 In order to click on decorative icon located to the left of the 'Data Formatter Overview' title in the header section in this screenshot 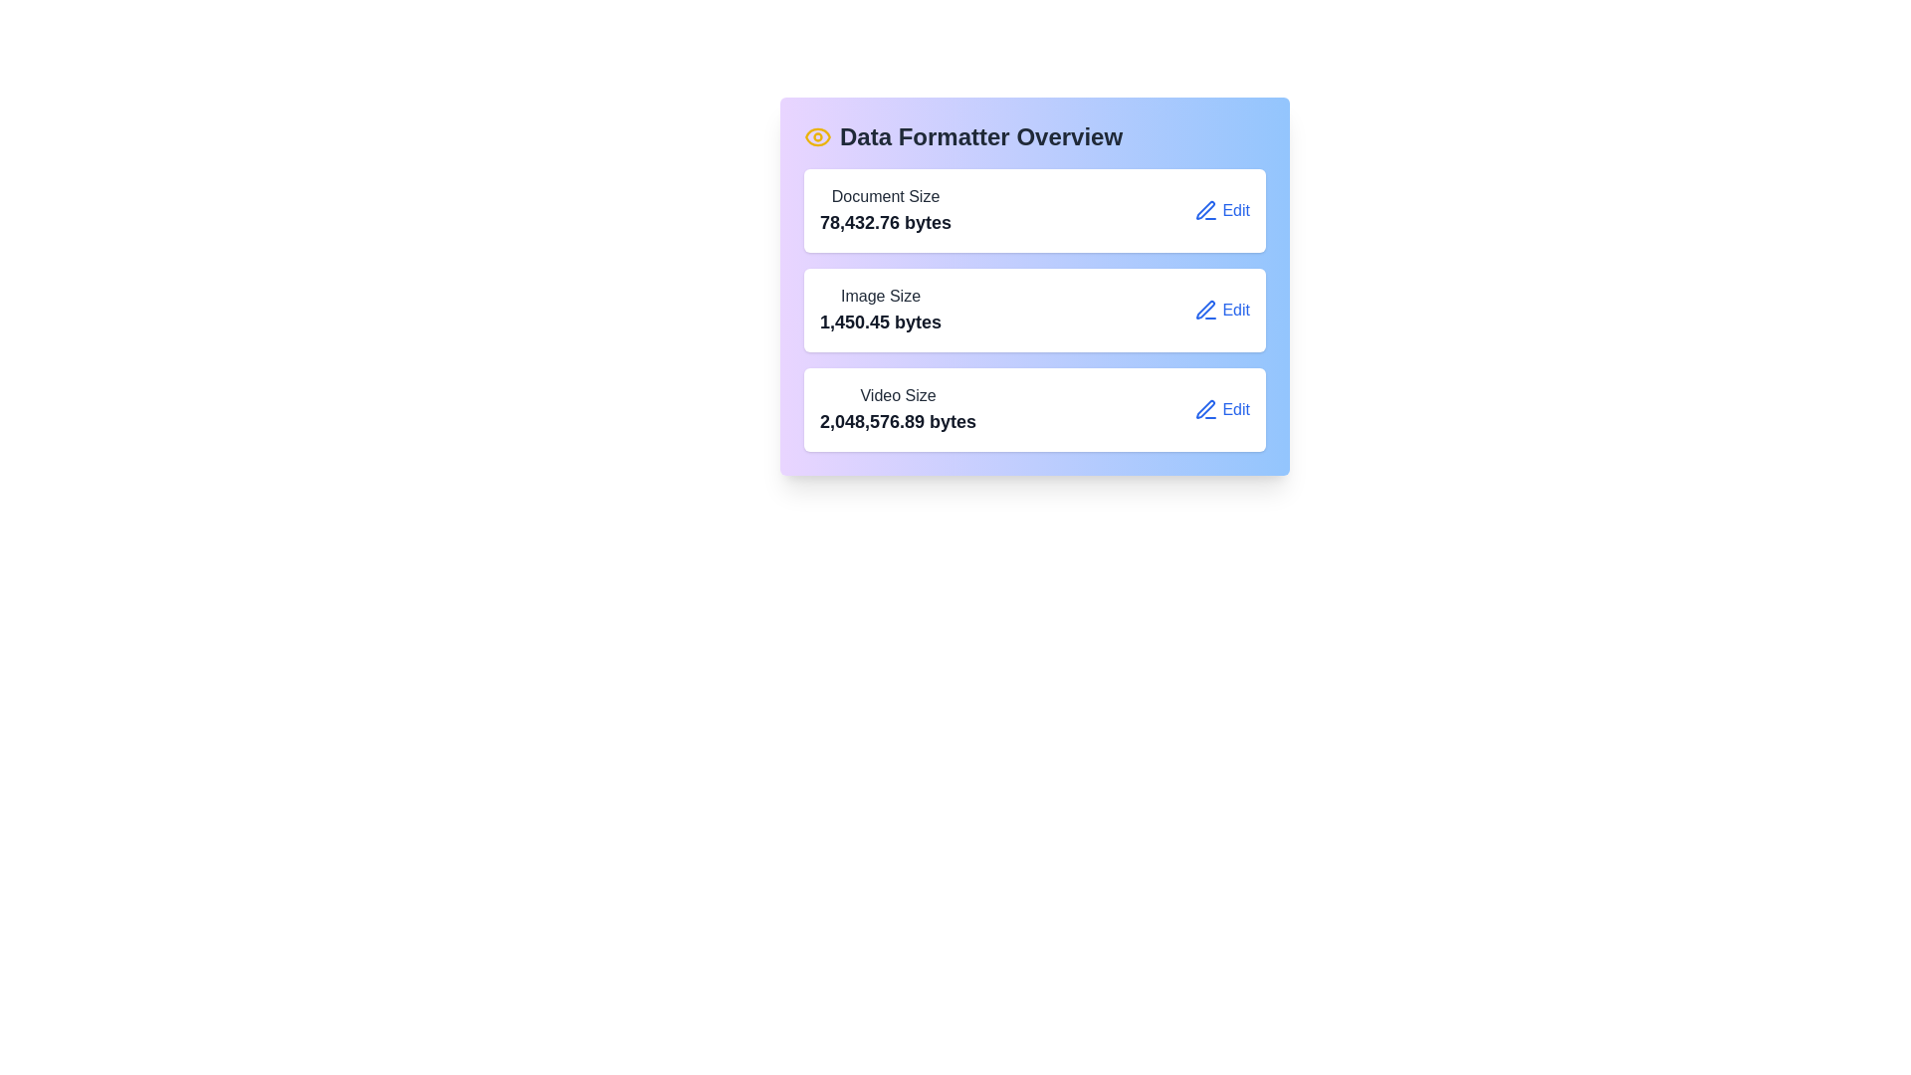, I will do `click(817, 136)`.